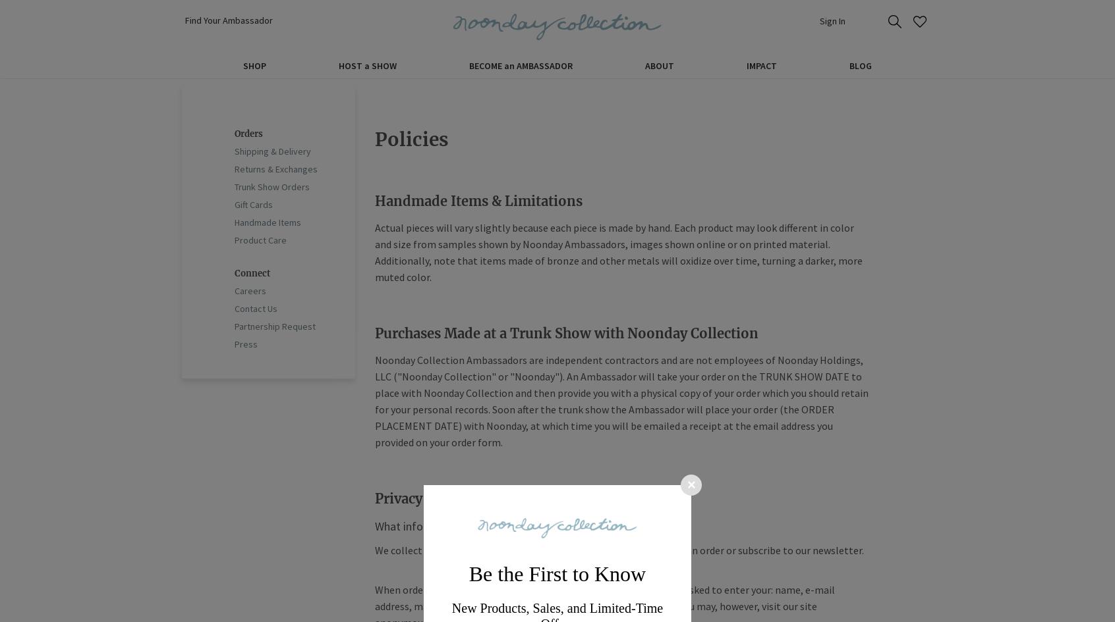  I want to click on 'ABOUT', so click(658, 65).